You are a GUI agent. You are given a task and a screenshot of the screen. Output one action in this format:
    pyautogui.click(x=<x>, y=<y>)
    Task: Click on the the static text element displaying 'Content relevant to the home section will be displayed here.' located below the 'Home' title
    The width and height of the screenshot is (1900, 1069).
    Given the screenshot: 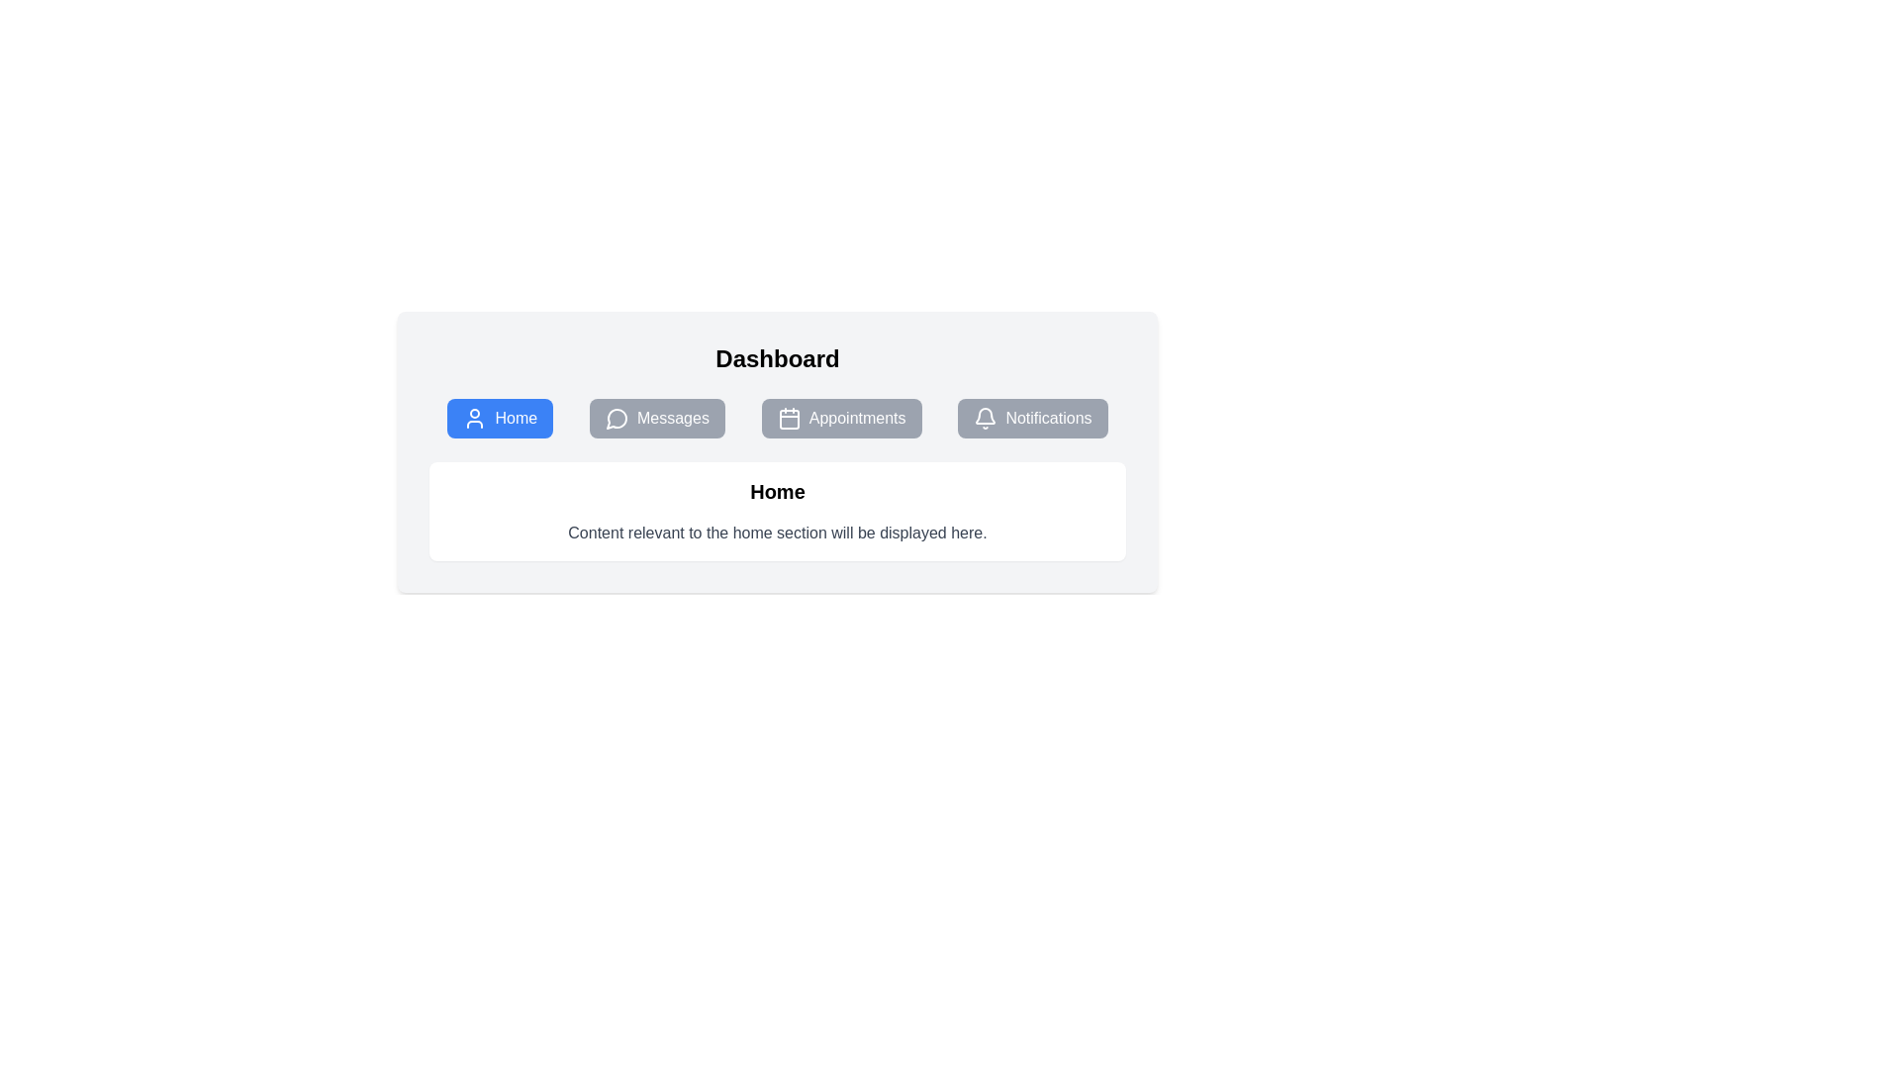 What is the action you would take?
    pyautogui.click(x=777, y=533)
    